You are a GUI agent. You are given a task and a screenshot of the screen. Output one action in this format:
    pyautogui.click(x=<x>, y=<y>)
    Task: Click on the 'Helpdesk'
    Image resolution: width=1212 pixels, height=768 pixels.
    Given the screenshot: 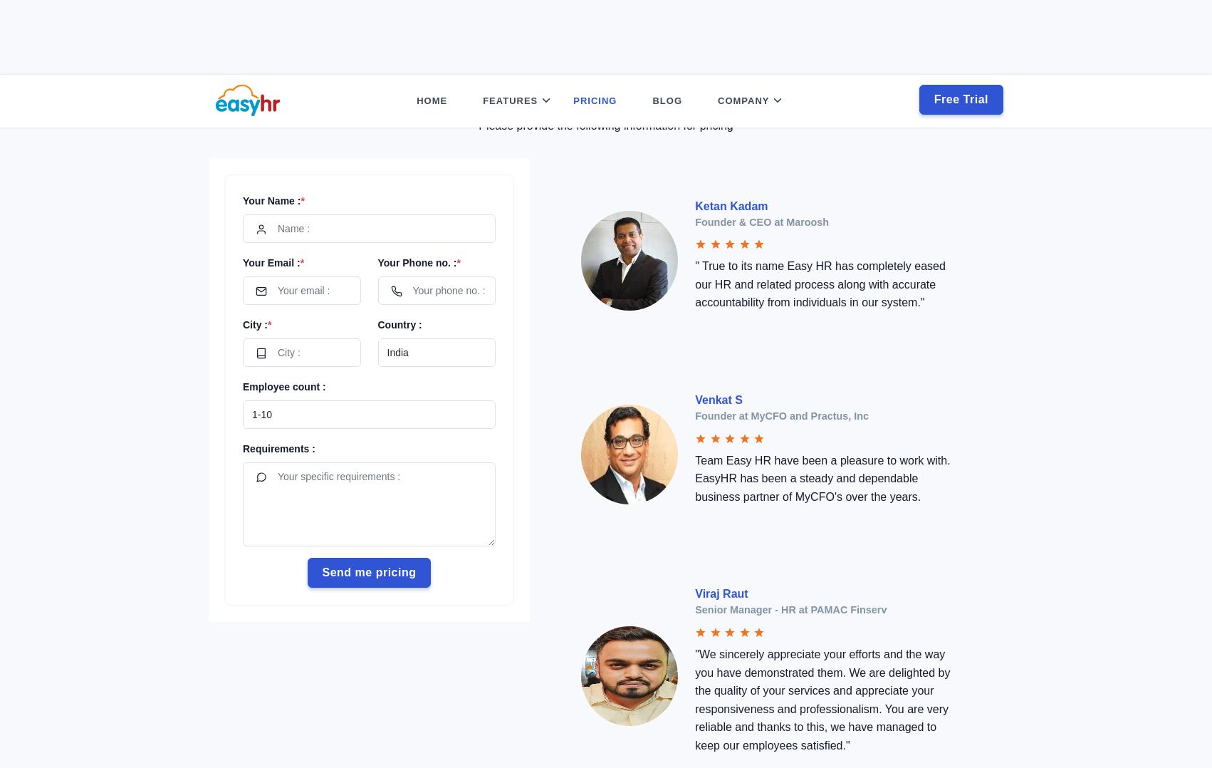 What is the action you would take?
    pyautogui.click(x=508, y=239)
    